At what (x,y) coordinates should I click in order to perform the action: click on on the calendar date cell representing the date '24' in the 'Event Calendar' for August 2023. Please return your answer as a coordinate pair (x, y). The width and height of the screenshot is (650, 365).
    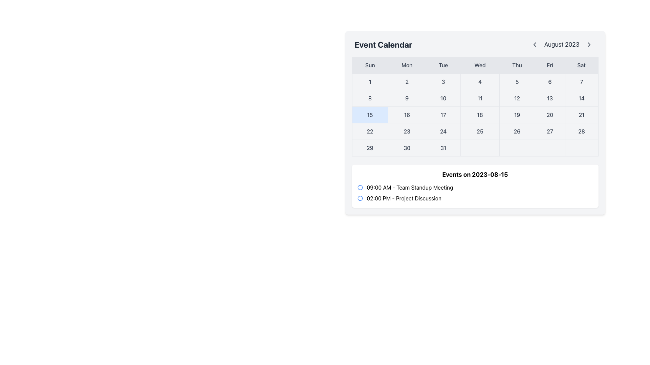
    Looking at the image, I should click on (443, 131).